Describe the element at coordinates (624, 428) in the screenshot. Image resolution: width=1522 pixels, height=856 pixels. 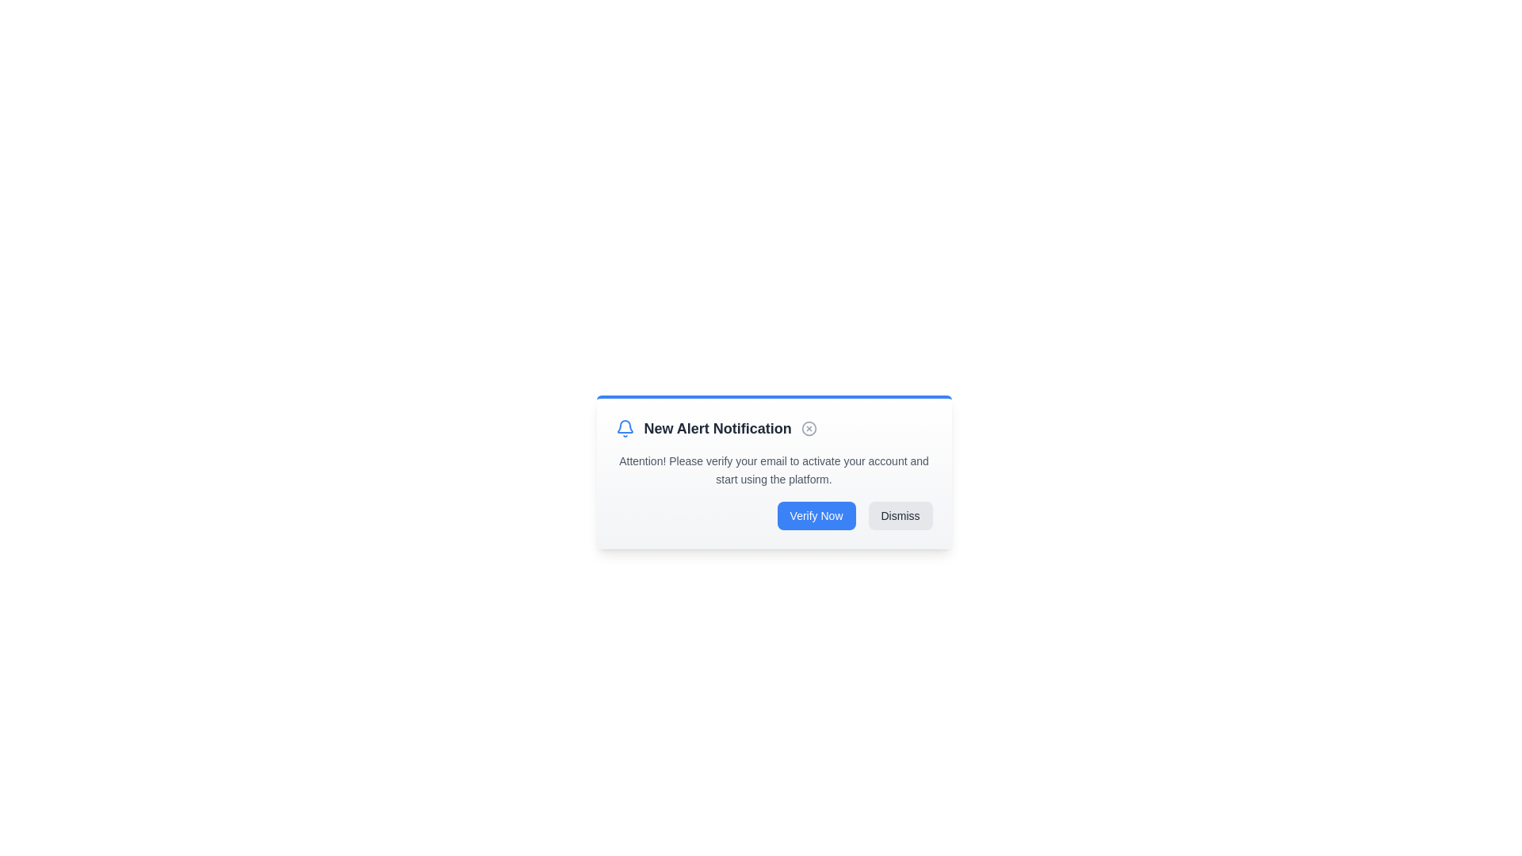
I see `the blue bell icon, which is the first element in the notification box, located to the left of the title 'New Alert Notification'` at that location.